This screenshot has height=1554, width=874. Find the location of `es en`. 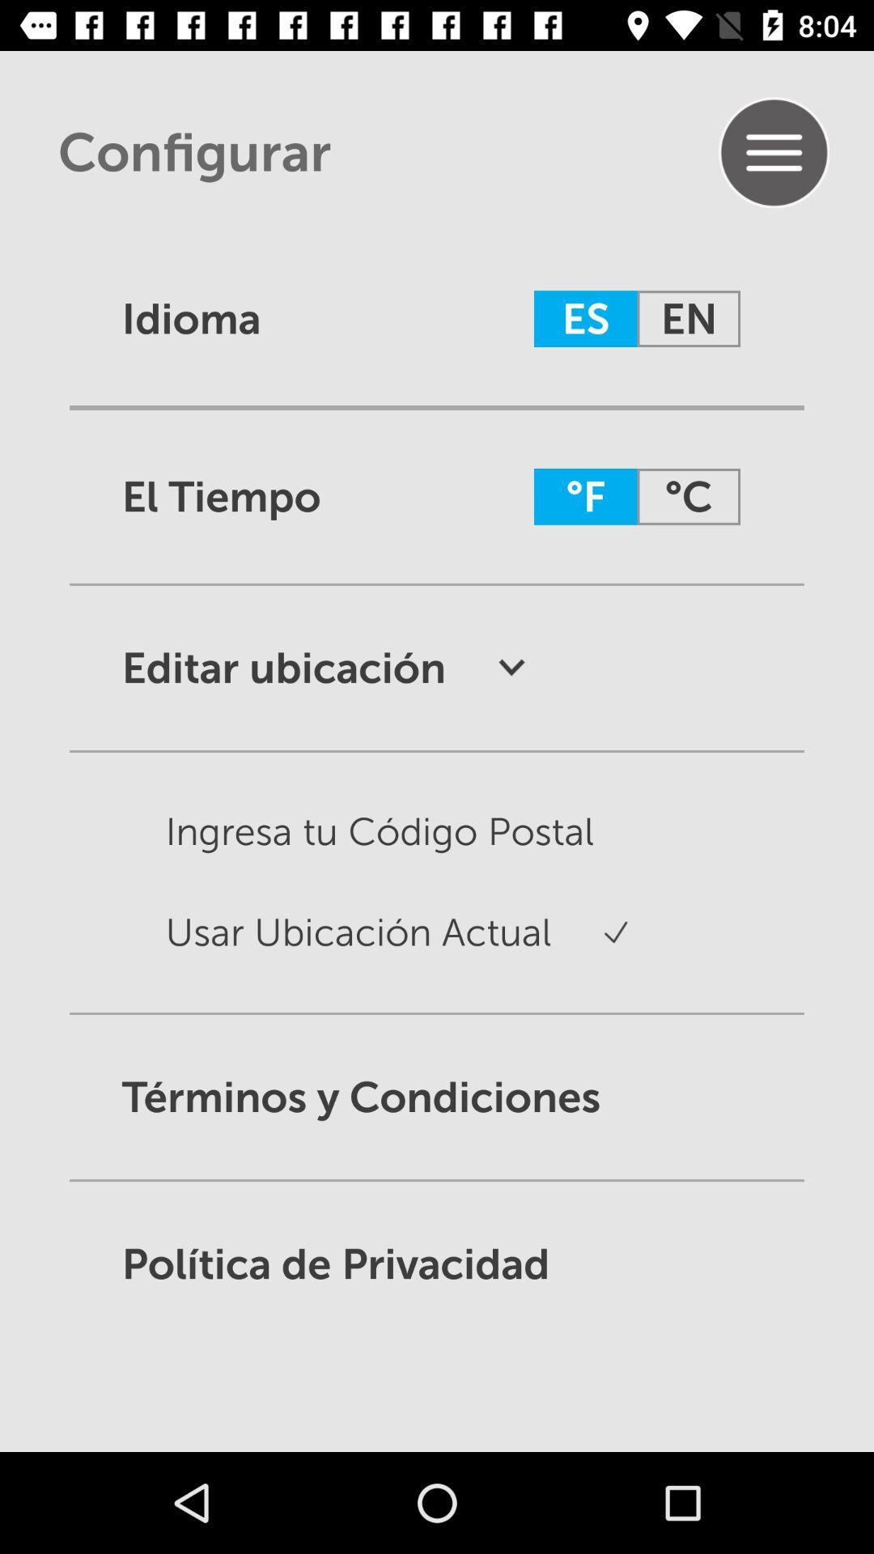

es en is located at coordinates (636, 318).